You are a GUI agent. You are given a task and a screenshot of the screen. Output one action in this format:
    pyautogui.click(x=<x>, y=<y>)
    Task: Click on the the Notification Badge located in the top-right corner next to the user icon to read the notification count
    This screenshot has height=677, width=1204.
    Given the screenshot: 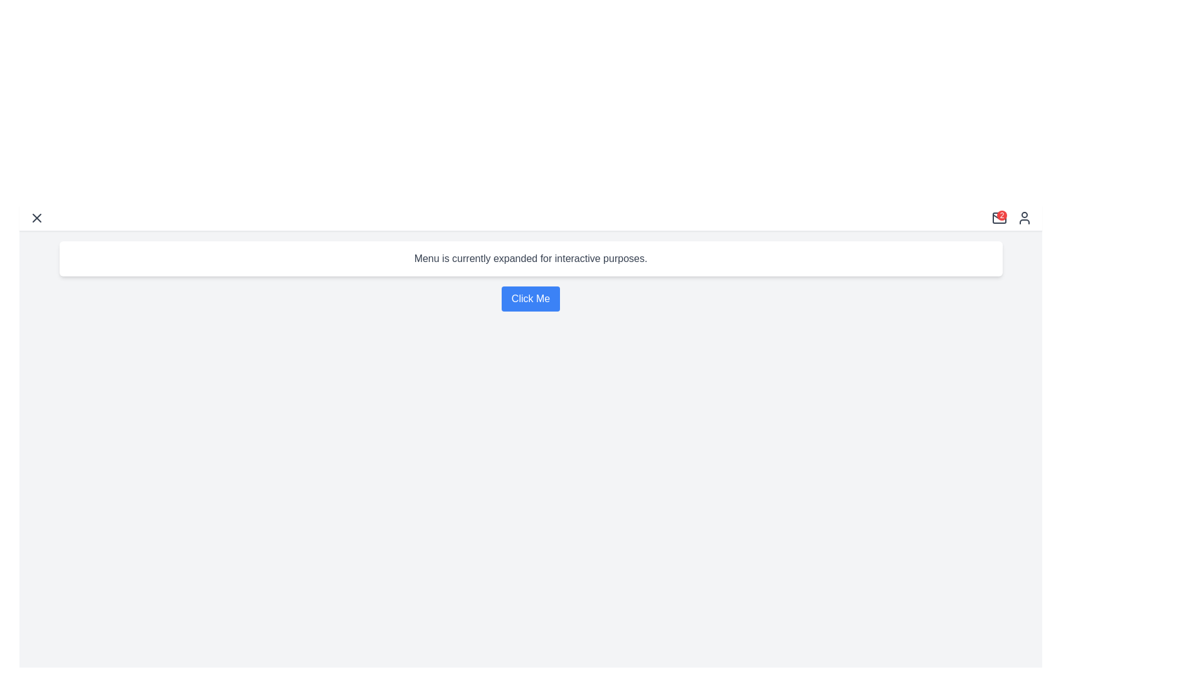 What is the action you would take?
    pyautogui.click(x=1001, y=214)
    